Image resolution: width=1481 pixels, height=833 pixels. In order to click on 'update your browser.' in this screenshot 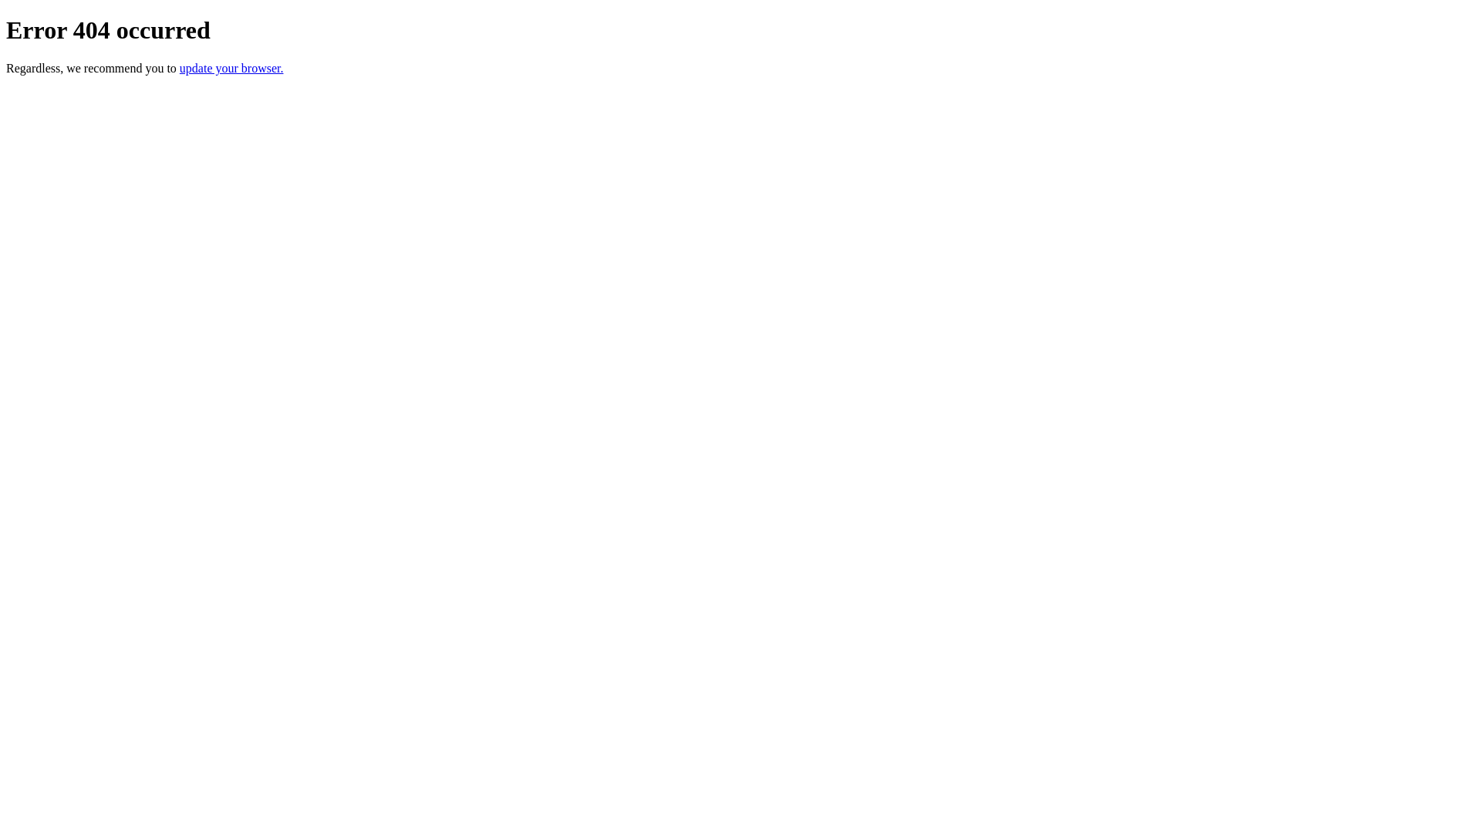, I will do `click(180, 67)`.